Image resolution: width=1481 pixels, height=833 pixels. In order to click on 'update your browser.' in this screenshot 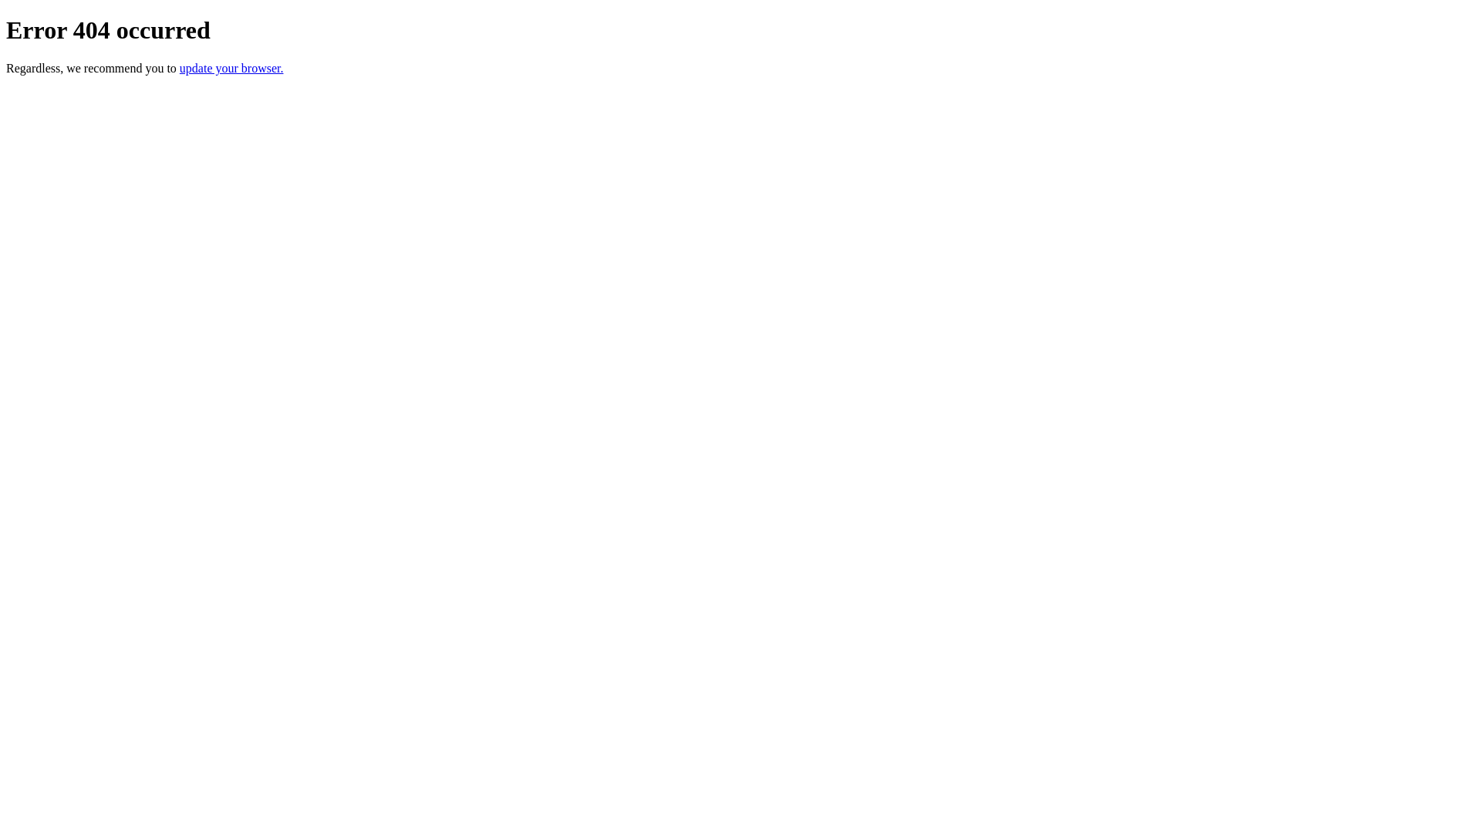, I will do `click(180, 67)`.